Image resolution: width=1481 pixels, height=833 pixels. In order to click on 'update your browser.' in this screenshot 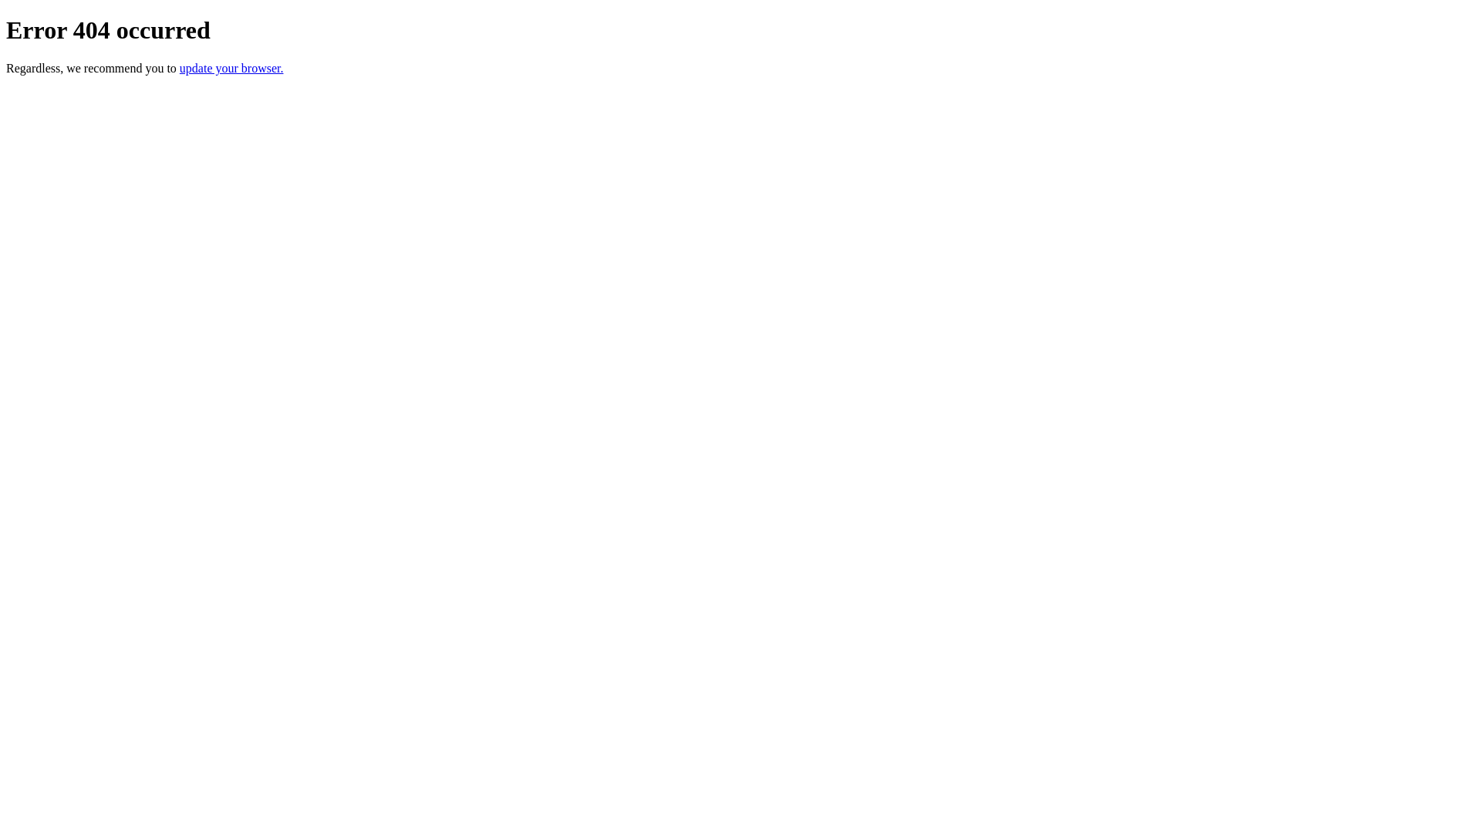, I will do `click(180, 67)`.